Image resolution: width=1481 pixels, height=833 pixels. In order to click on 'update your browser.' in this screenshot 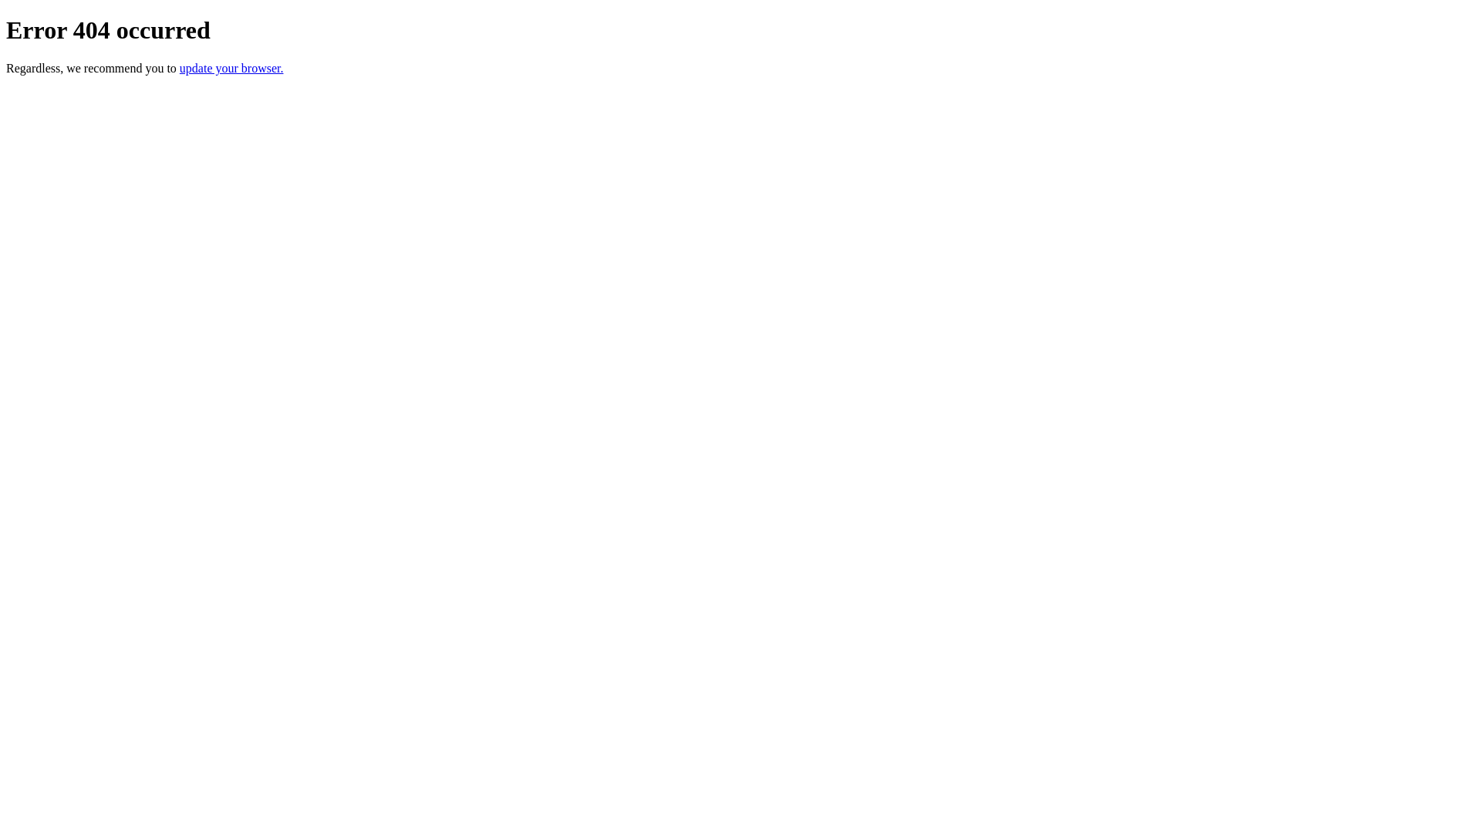, I will do `click(180, 67)`.